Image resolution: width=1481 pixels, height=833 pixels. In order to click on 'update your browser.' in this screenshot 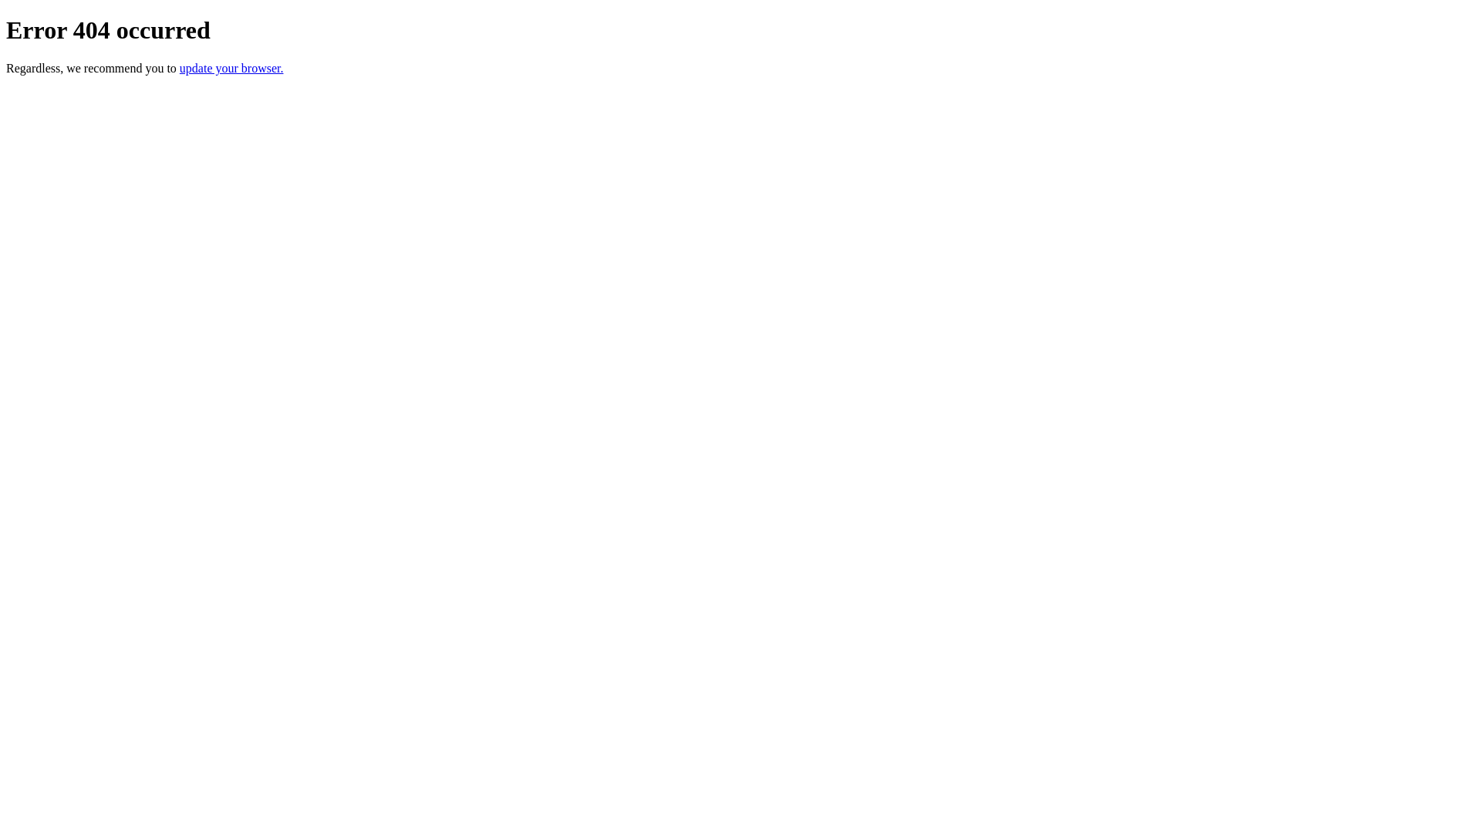, I will do `click(180, 67)`.